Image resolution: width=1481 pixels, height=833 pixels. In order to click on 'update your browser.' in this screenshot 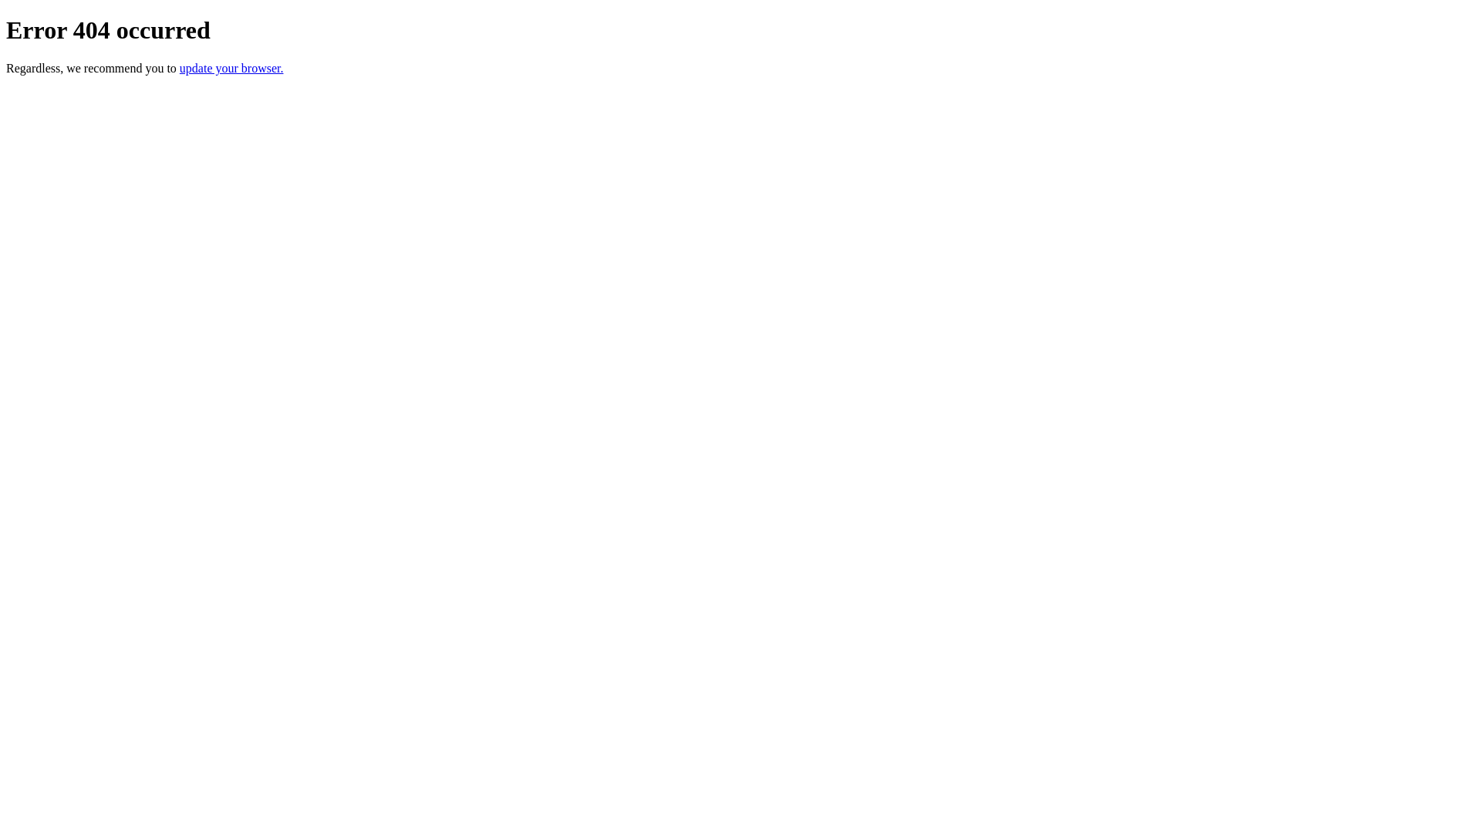, I will do `click(180, 67)`.